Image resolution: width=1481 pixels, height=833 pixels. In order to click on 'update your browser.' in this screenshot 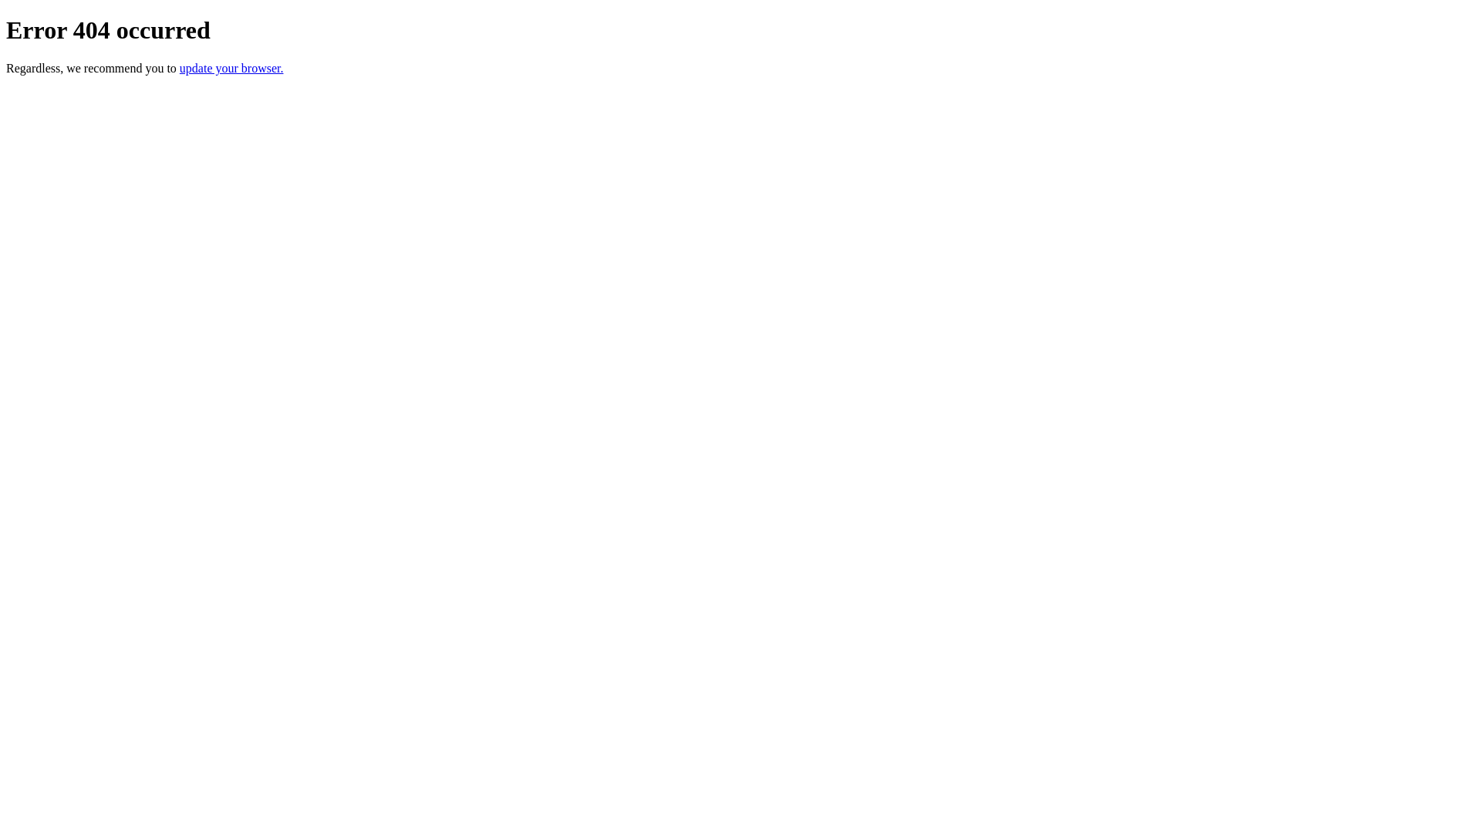, I will do `click(180, 67)`.